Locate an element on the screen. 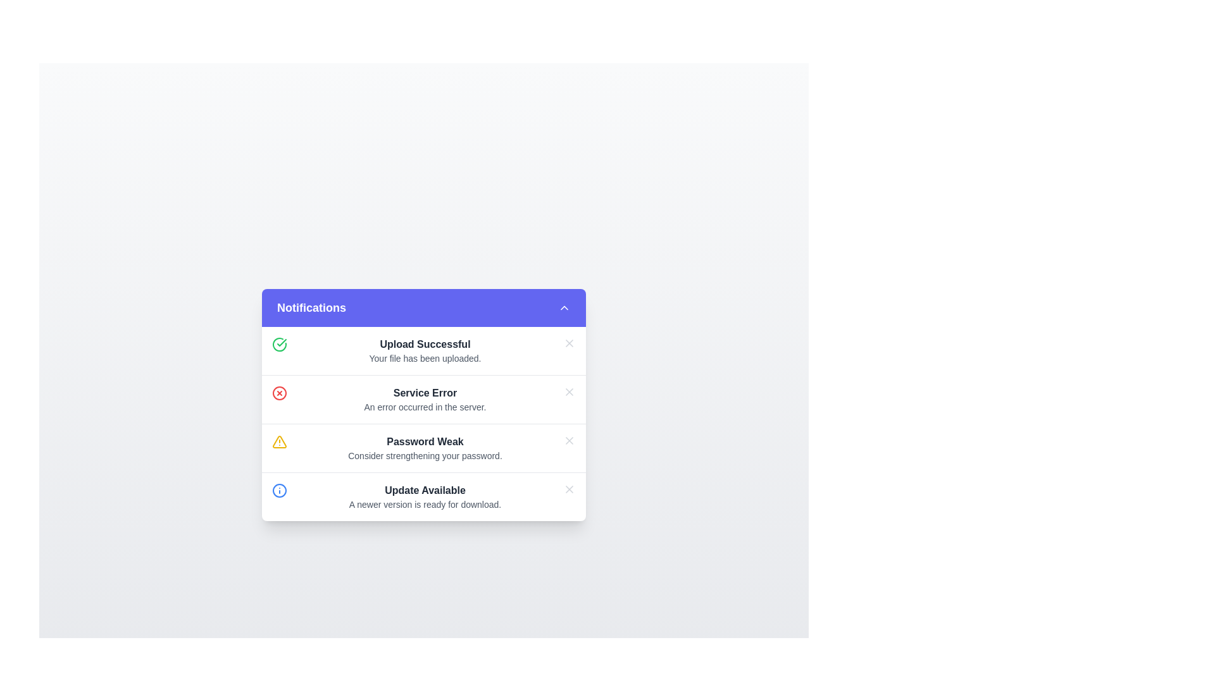 This screenshot has height=683, width=1215. the notification text label that provides additional information contextual to the 'Upload Successful' message, positioned directly below it is located at coordinates (425, 358).